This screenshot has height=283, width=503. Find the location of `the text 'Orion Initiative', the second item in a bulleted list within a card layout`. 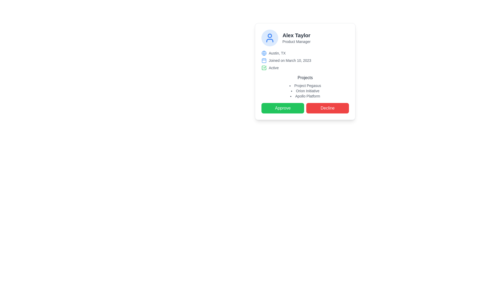

the text 'Orion Initiative', the second item in a bulleted list within a card layout is located at coordinates (305, 91).